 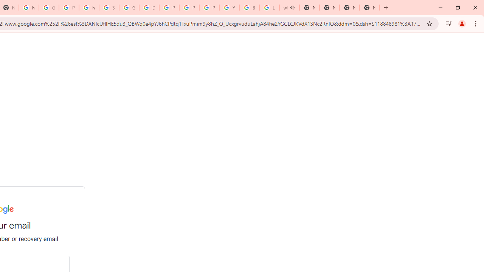 I want to click on 'Privacy Help Center - Policies Help', so click(x=169, y=8).